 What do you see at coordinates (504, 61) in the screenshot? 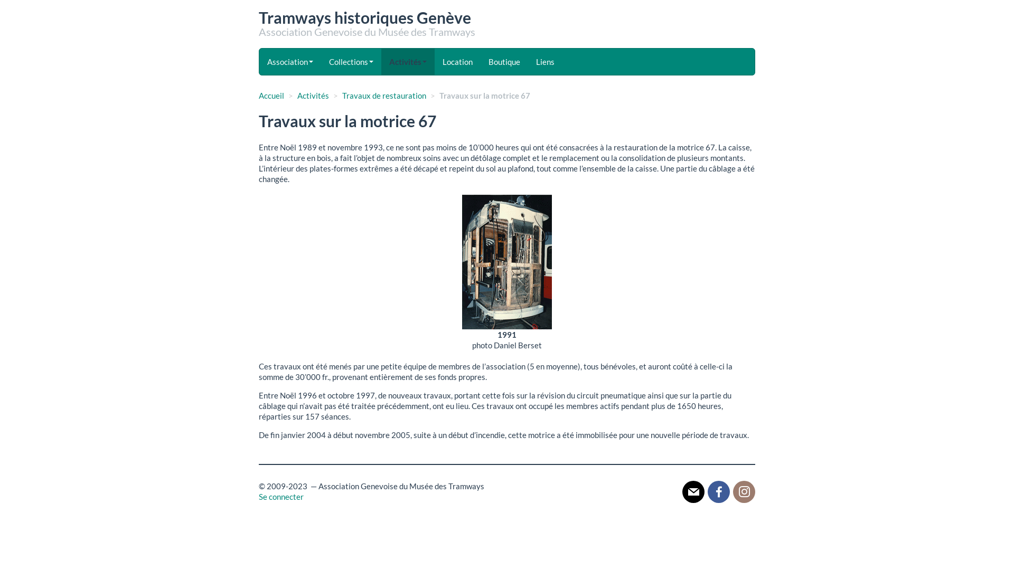
I see `'Boutique'` at bounding box center [504, 61].